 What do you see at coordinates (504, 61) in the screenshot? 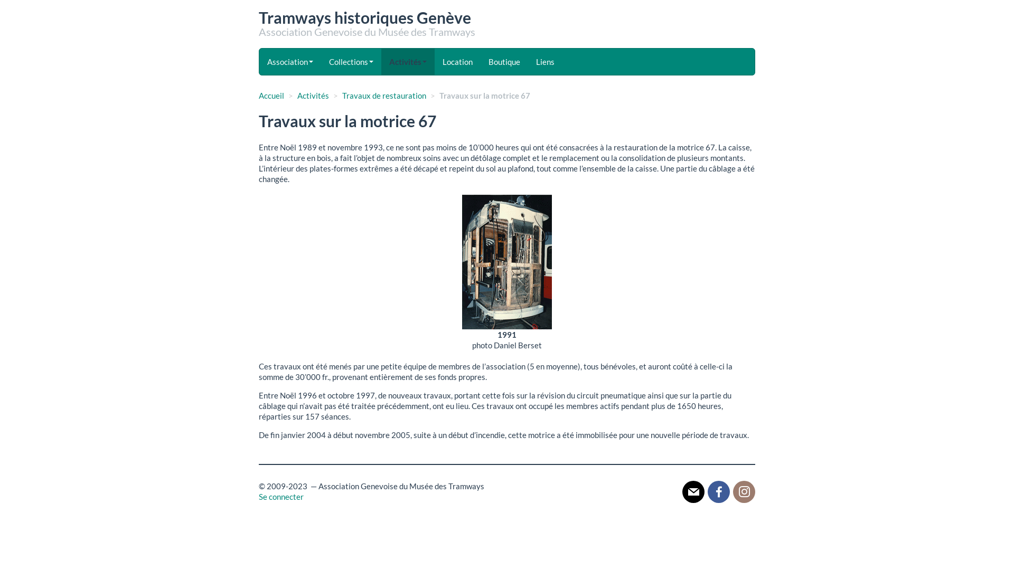
I see `'Boutique'` at bounding box center [504, 61].